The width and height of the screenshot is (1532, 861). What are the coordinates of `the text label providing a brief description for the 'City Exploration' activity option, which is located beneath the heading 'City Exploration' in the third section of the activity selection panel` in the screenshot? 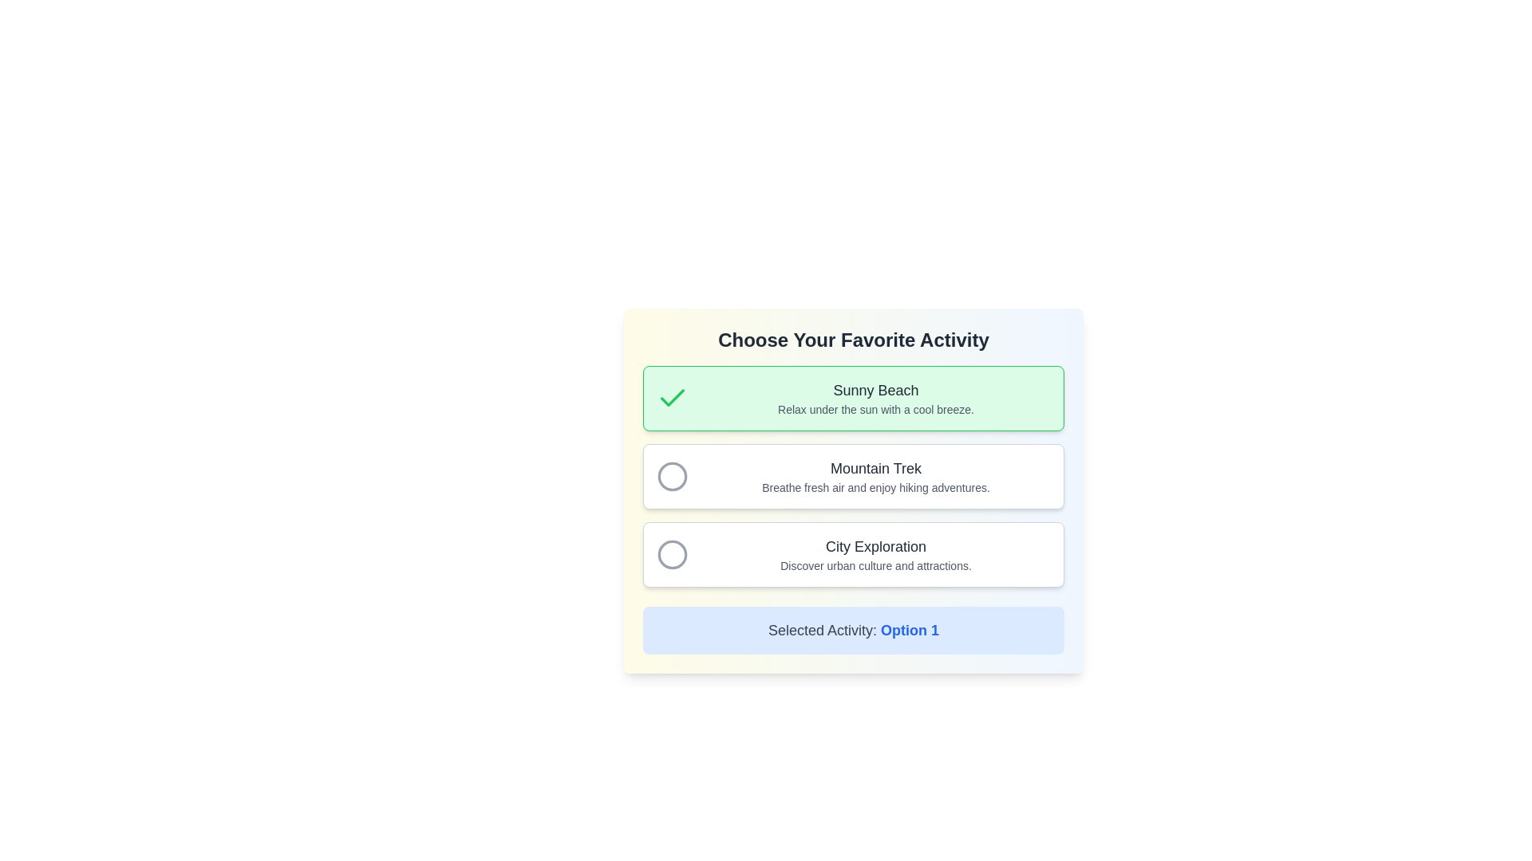 It's located at (875, 564).